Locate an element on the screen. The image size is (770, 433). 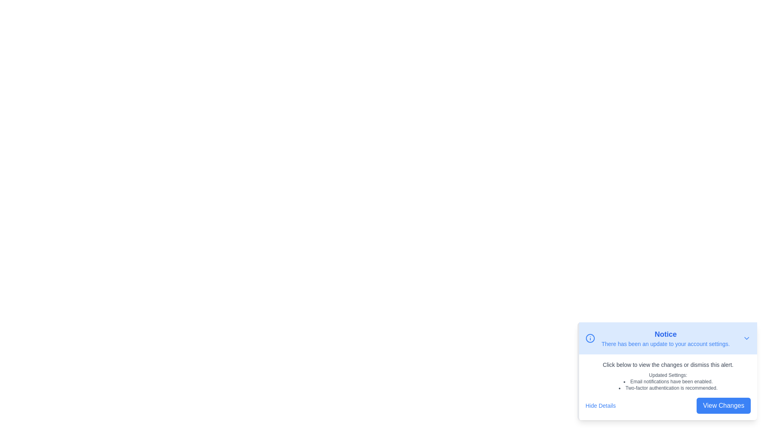
the text 'Two-factor authentication is recommended.' which is the second item in a bullet point list within a context box is located at coordinates (668, 388).